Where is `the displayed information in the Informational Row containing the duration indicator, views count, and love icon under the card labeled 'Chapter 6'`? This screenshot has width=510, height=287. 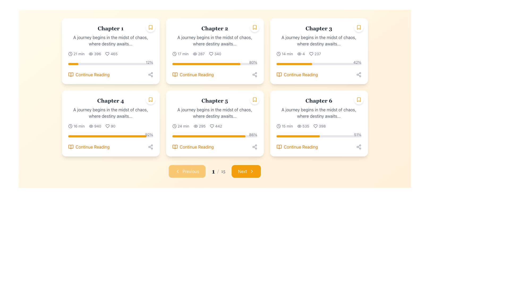 the displayed information in the Informational Row containing the duration indicator, views count, and love icon under the card labeled 'Chapter 6' is located at coordinates (319, 126).